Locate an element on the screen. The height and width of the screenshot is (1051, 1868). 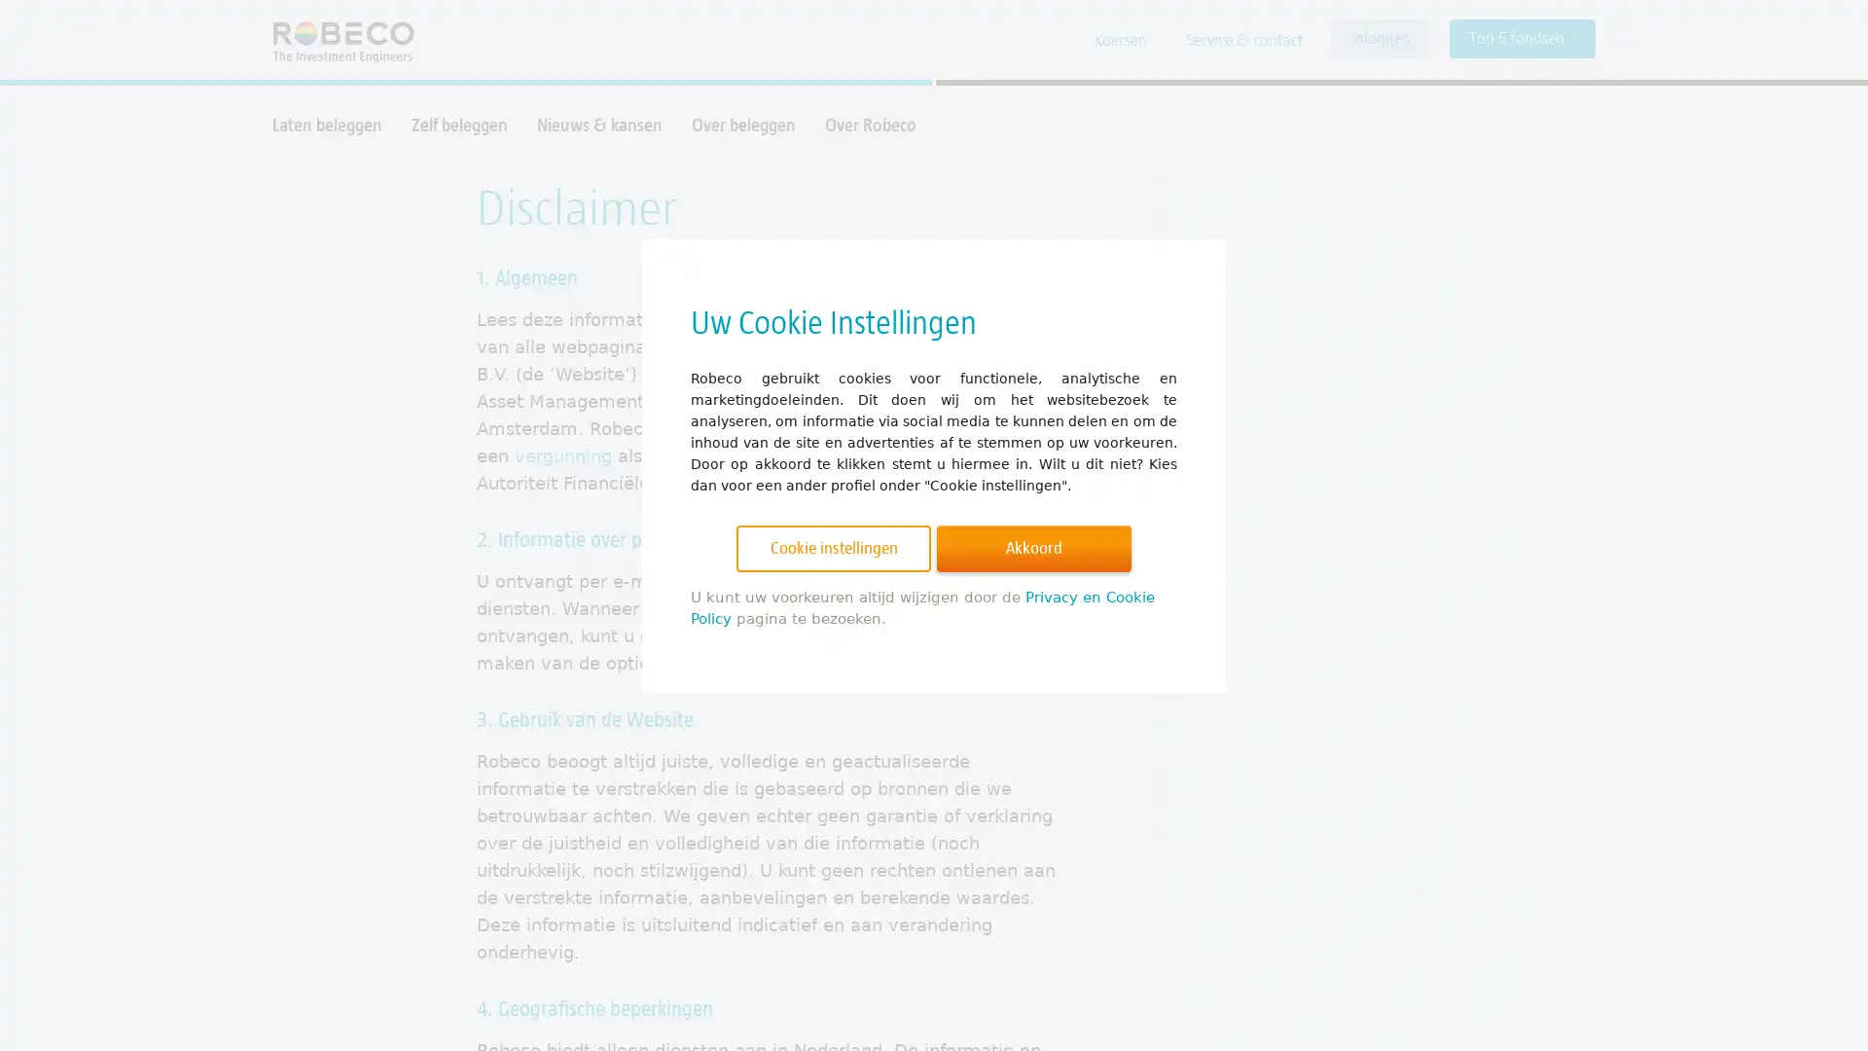
Inloggen is located at coordinates (1380, 38).